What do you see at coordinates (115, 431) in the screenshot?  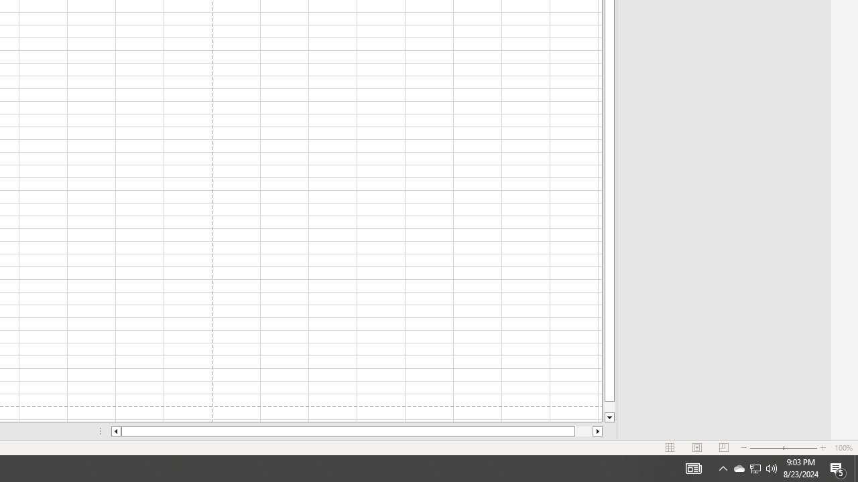 I see `'Column left'` at bounding box center [115, 431].